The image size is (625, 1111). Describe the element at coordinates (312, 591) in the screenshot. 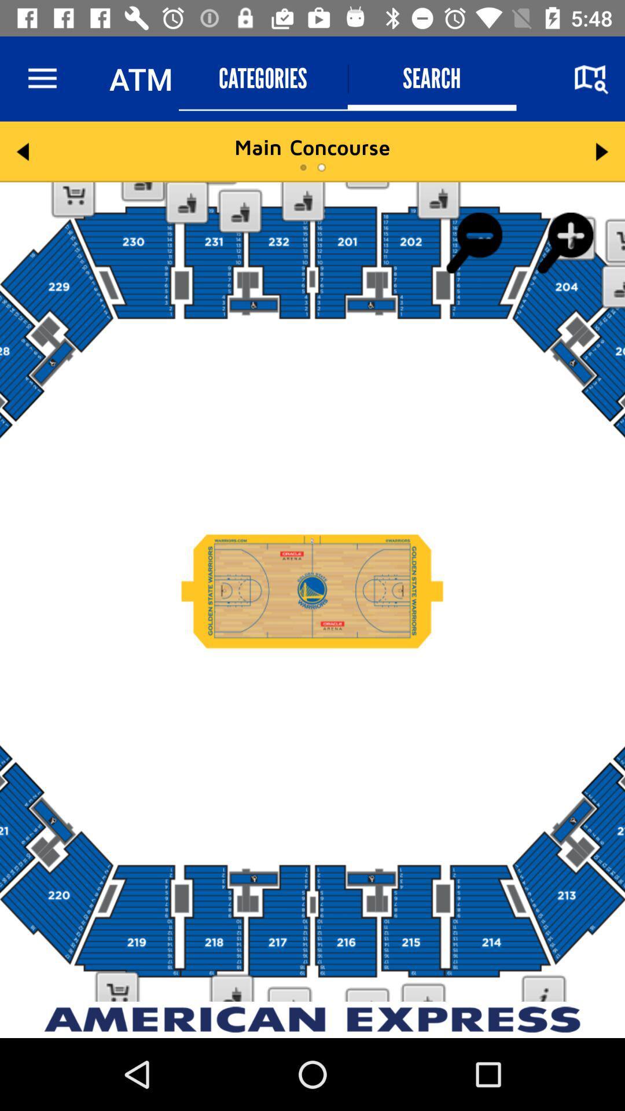

I see `seating chart` at that location.